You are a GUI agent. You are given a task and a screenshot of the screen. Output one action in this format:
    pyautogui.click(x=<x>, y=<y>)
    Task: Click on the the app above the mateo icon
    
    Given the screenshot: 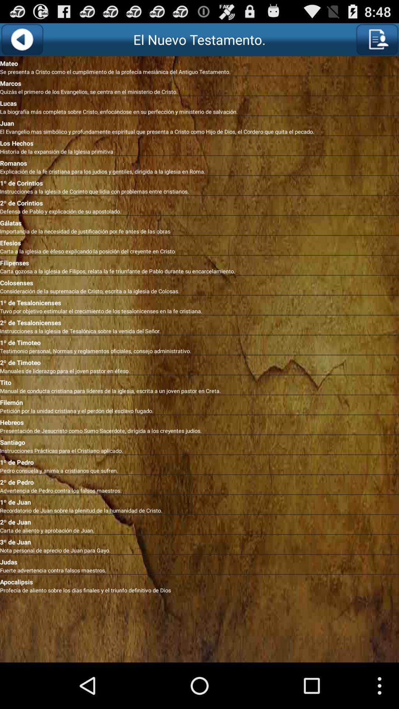 What is the action you would take?
    pyautogui.click(x=377, y=39)
    